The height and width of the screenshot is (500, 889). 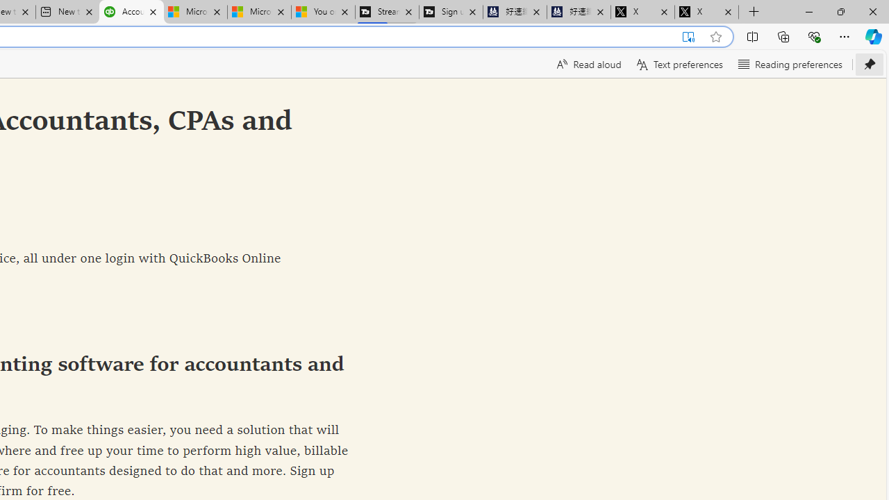 I want to click on 'Exit Immersive Reader (F9)', so click(x=688, y=36).